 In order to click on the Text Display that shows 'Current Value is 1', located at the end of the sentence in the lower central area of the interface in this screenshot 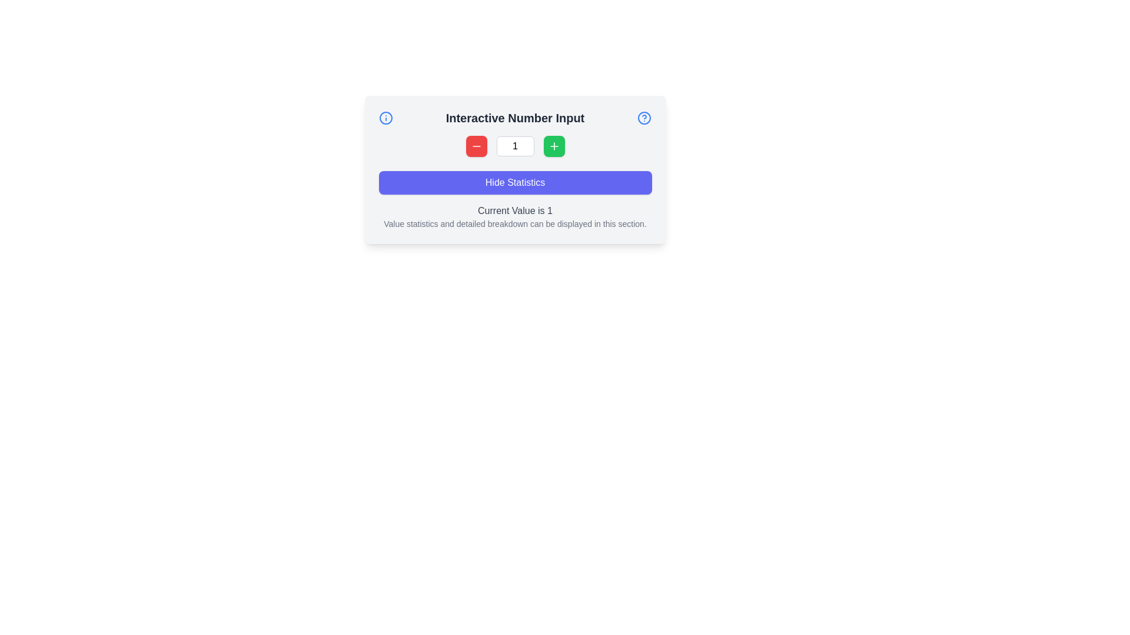, I will do `click(549, 210)`.